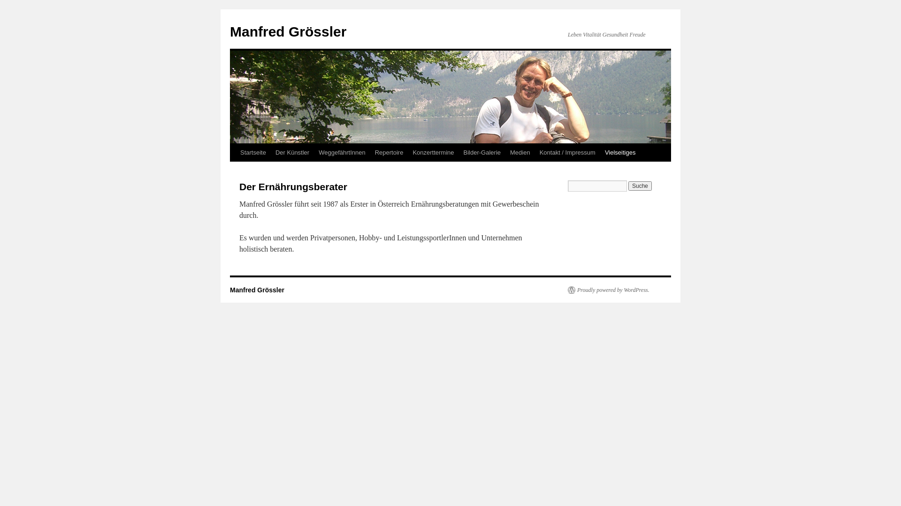 This screenshot has height=506, width=901. What do you see at coordinates (519, 152) in the screenshot?
I see `'Medien'` at bounding box center [519, 152].